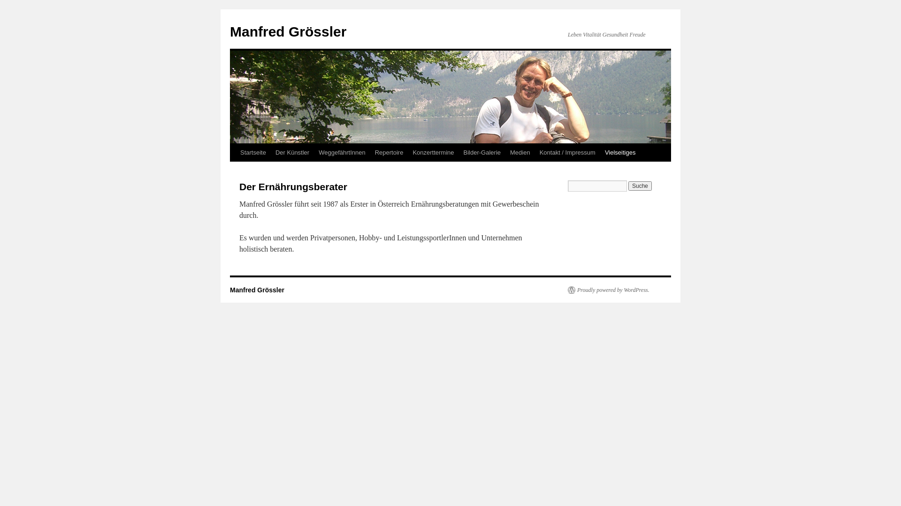 This screenshot has height=506, width=901. What do you see at coordinates (519, 152) in the screenshot?
I see `'Medien'` at bounding box center [519, 152].